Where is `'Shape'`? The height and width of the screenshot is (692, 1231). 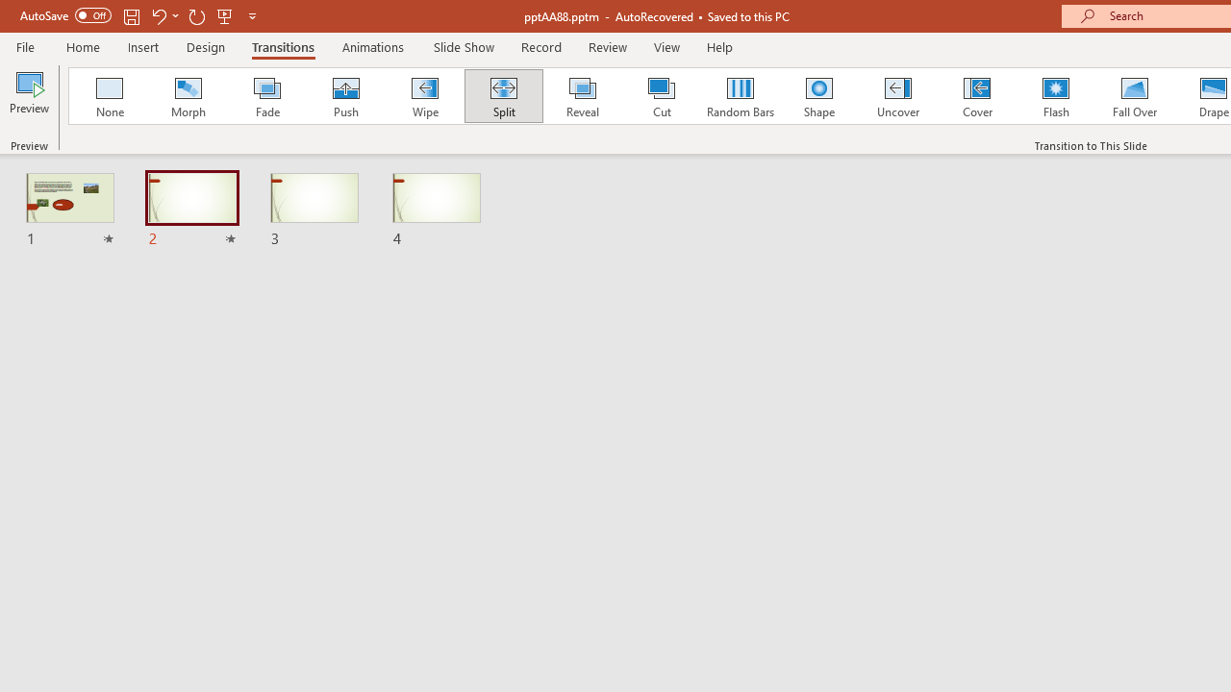
'Shape' is located at coordinates (819, 96).